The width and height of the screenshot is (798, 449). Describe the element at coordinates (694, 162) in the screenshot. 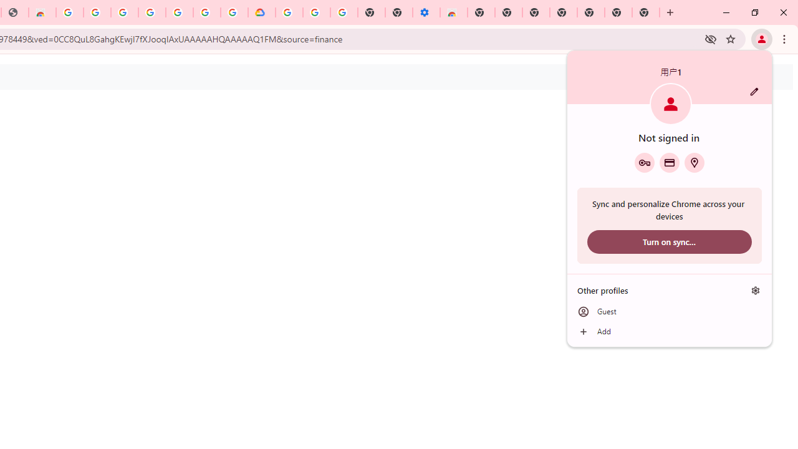

I see `'Addresses and more'` at that location.